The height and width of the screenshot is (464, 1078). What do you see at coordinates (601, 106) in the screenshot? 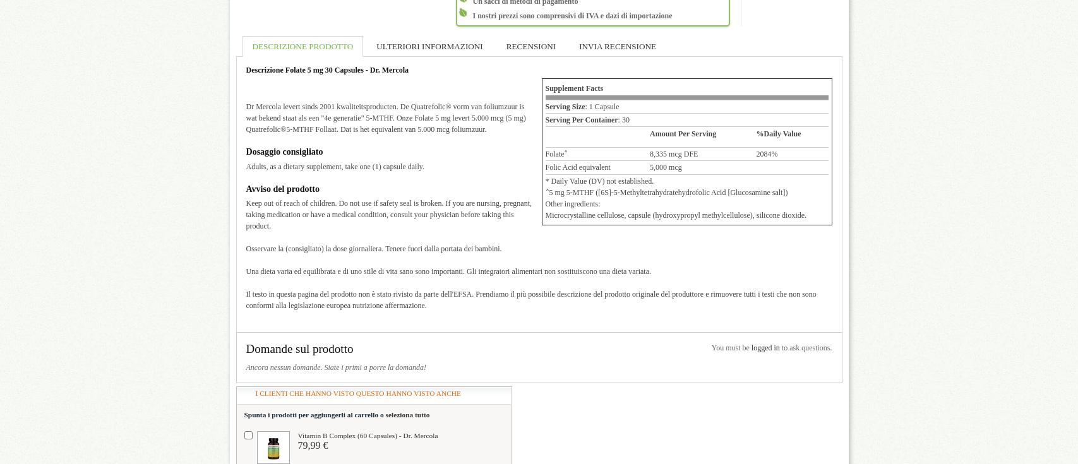
I see `': 1 Capsule'` at bounding box center [601, 106].